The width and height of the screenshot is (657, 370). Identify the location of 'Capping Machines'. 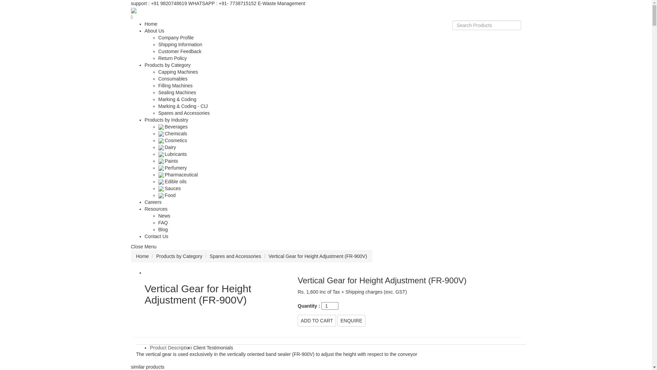
(178, 72).